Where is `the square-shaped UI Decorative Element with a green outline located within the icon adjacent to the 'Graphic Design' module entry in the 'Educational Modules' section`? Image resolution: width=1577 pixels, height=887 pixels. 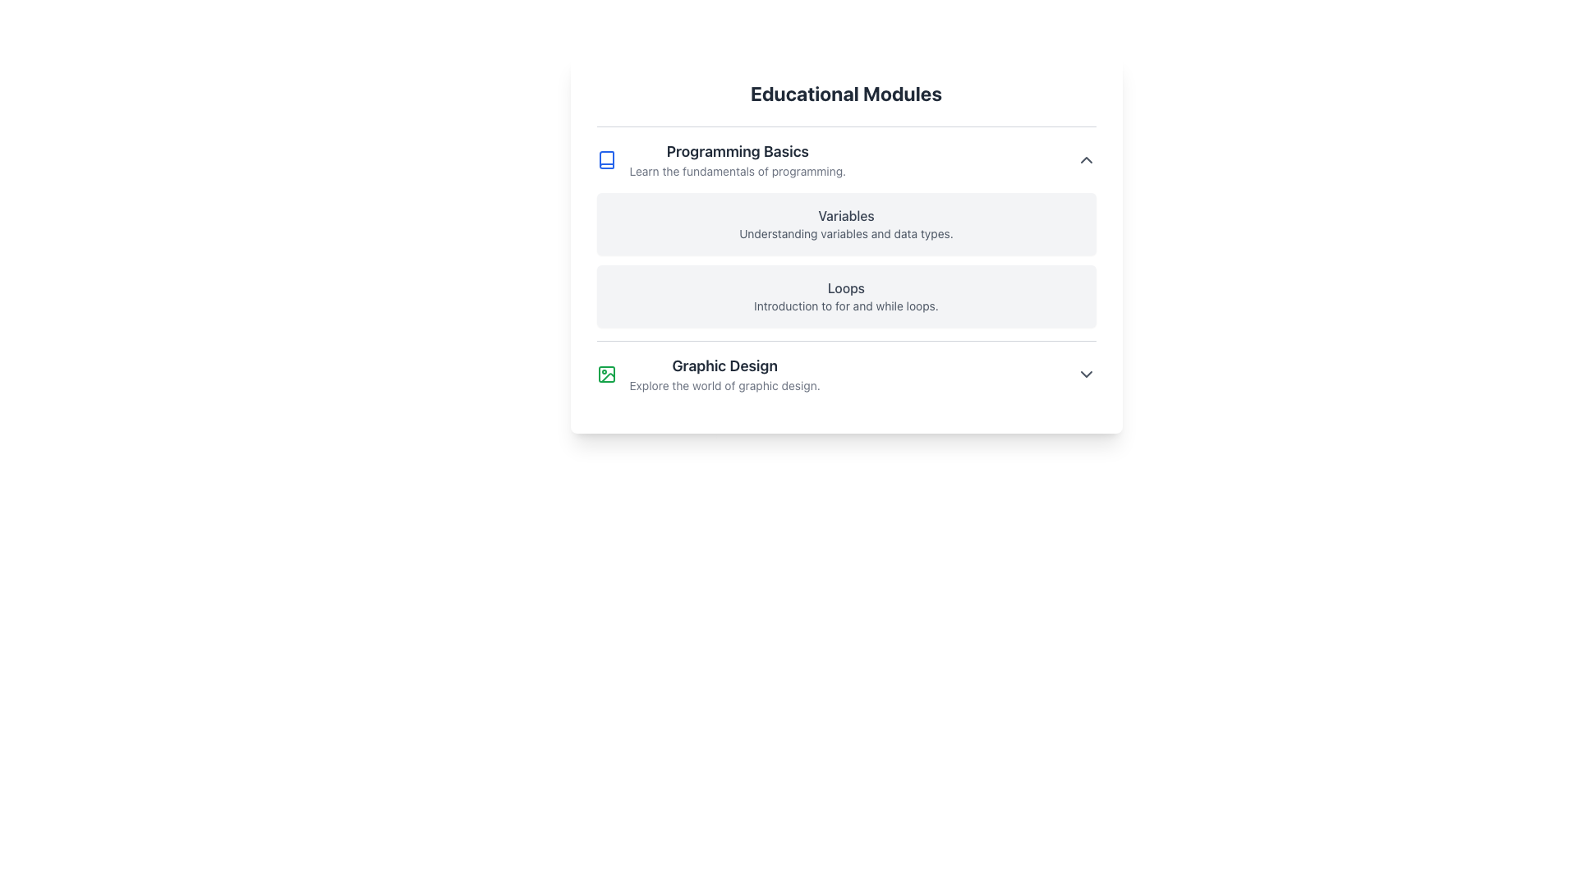 the square-shaped UI Decorative Element with a green outline located within the icon adjacent to the 'Graphic Design' module entry in the 'Educational Modules' section is located at coordinates (605, 374).